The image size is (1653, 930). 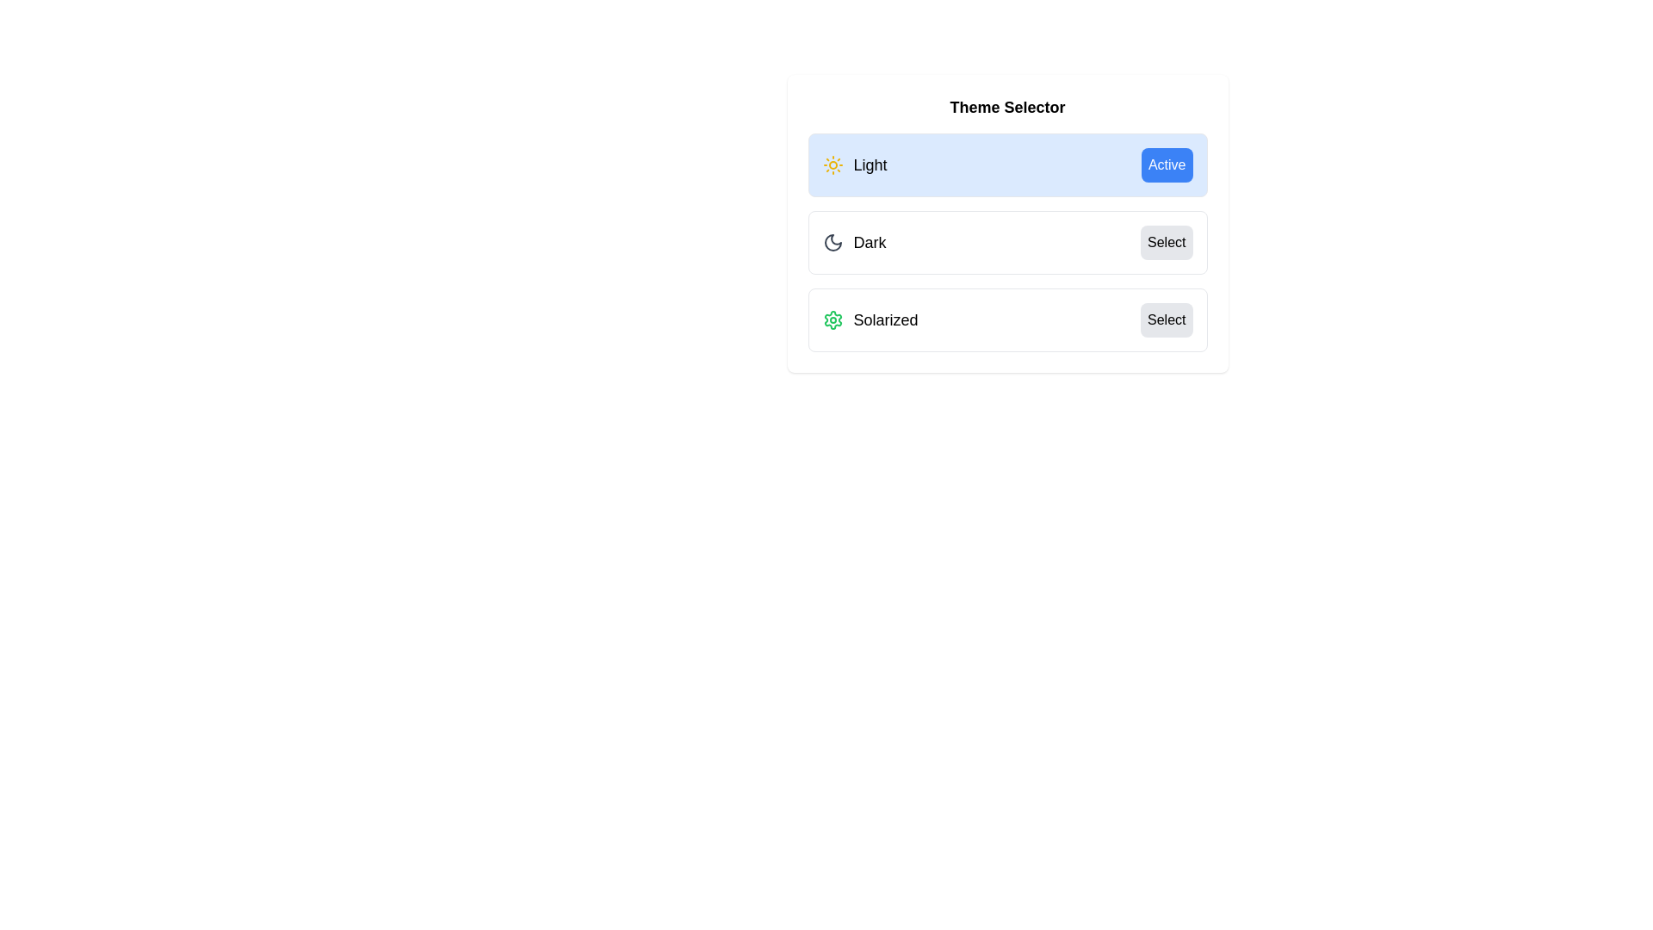 What do you see at coordinates (833, 242) in the screenshot?
I see `the icon next to Dark theme` at bounding box center [833, 242].